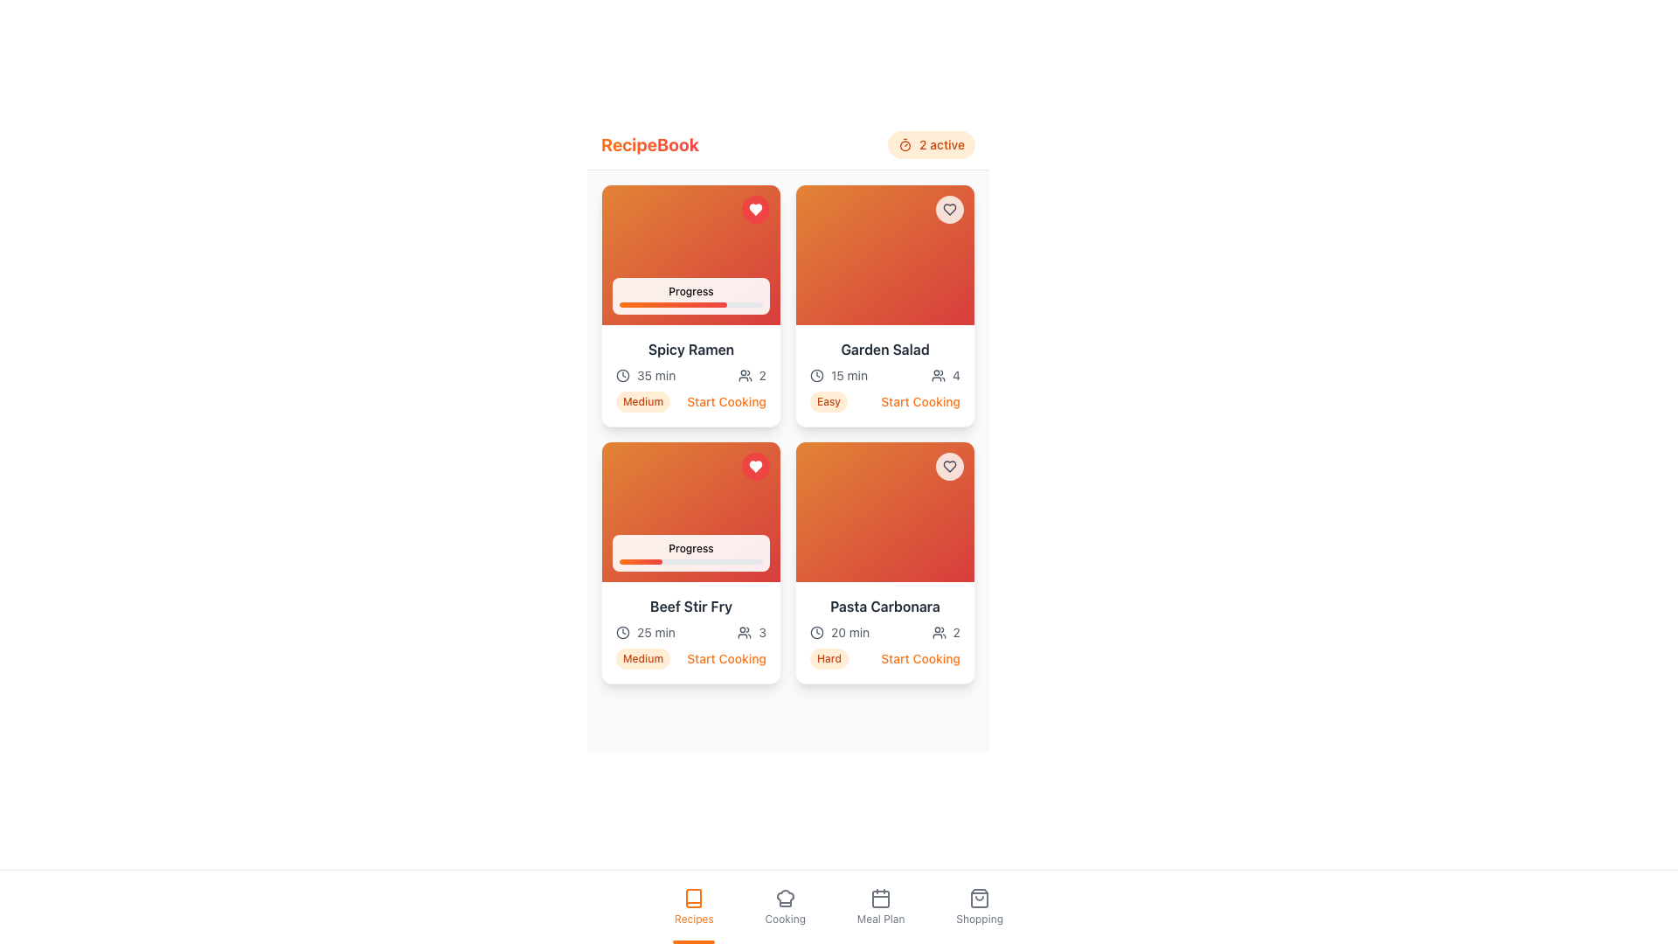 This screenshot has height=944, width=1678. I want to click on the text and icon pairing that features a minimalist clock icon and the text '15 min', located in the lower-left region of the second card in the grid layout, so click(839, 374).